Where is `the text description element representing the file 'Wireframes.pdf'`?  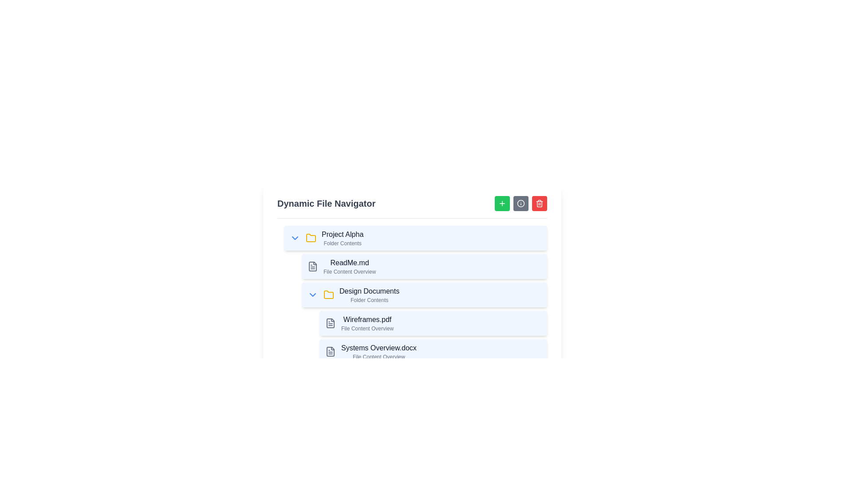 the text description element representing the file 'Wireframes.pdf' is located at coordinates (367, 323).